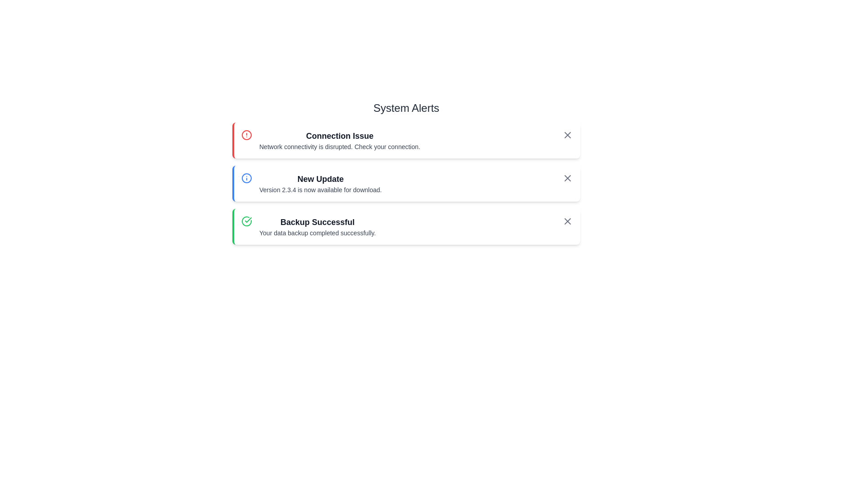 The height and width of the screenshot is (485, 863). What do you see at coordinates (405, 140) in the screenshot?
I see `title and description of the first notification card in the 'System Alerts' section, which informs the user about a connectivity issue` at bounding box center [405, 140].